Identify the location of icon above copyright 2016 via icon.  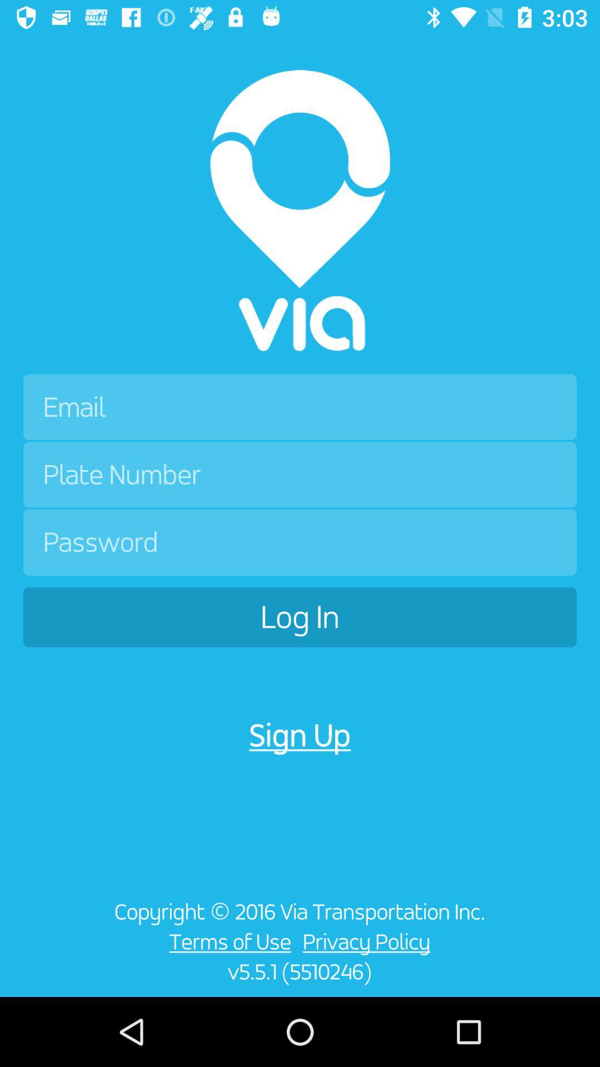
(300, 735).